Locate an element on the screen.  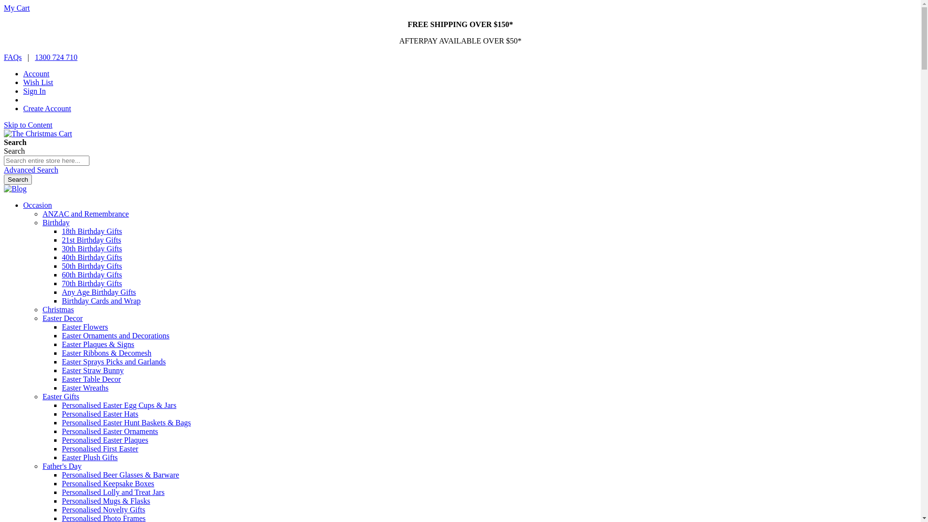
'Personalised Easter Hunt Baskets & Bags' is located at coordinates (126, 422).